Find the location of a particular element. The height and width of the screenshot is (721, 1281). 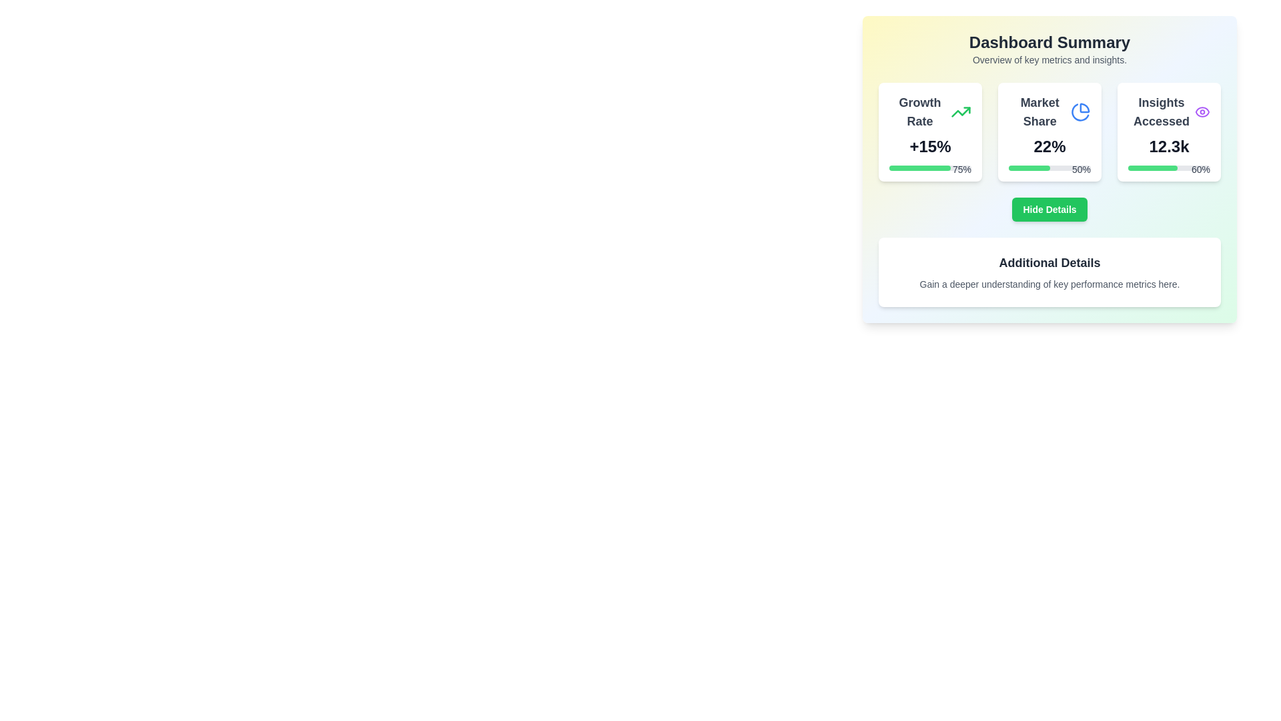

the 'Additional Details' heading label, which is bold, large, and dark gray, located at the top center of its white rounded rectangular panel is located at coordinates (1049, 262).